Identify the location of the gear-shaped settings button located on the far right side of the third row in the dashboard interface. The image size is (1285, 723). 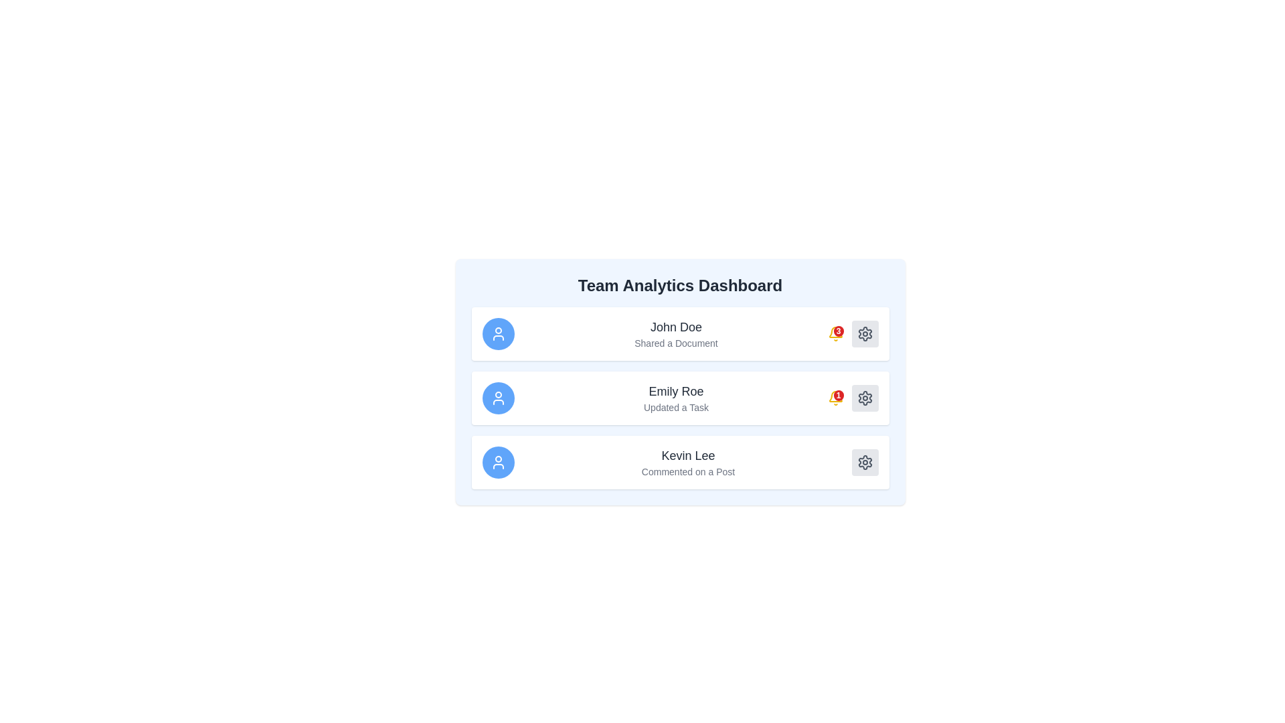
(865, 397).